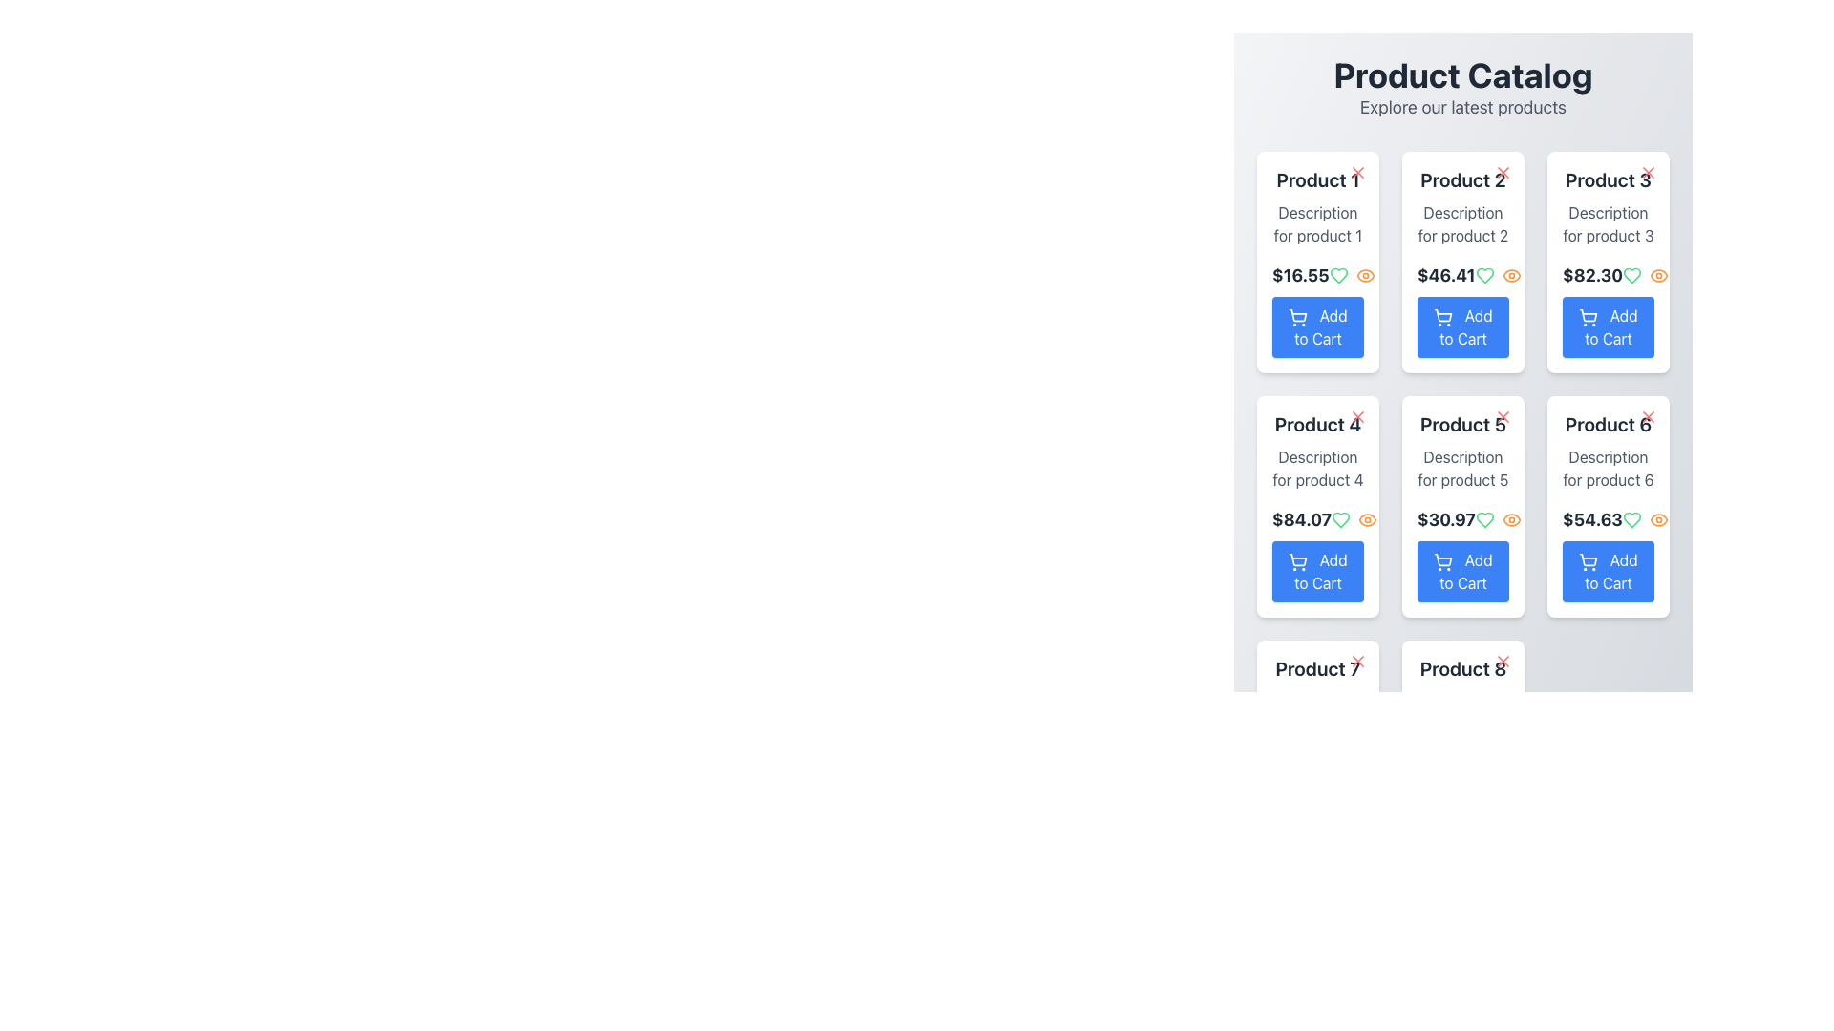  What do you see at coordinates (1298, 560) in the screenshot?
I see `the 'Add to Cart' button icon for 'Product 4', located in the second row and first column of the product grid` at bounding box center [1298, 560].